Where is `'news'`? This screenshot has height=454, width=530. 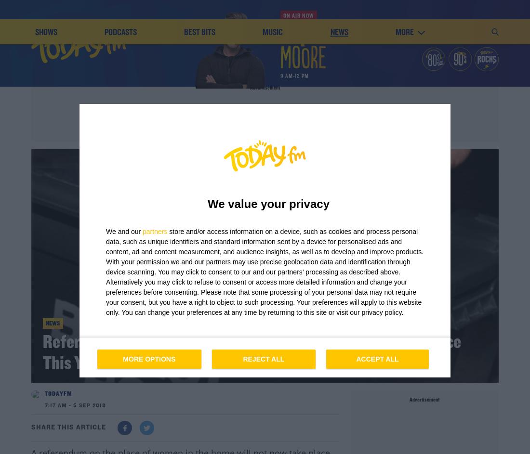 'news' is located at coordinates (338, 100).